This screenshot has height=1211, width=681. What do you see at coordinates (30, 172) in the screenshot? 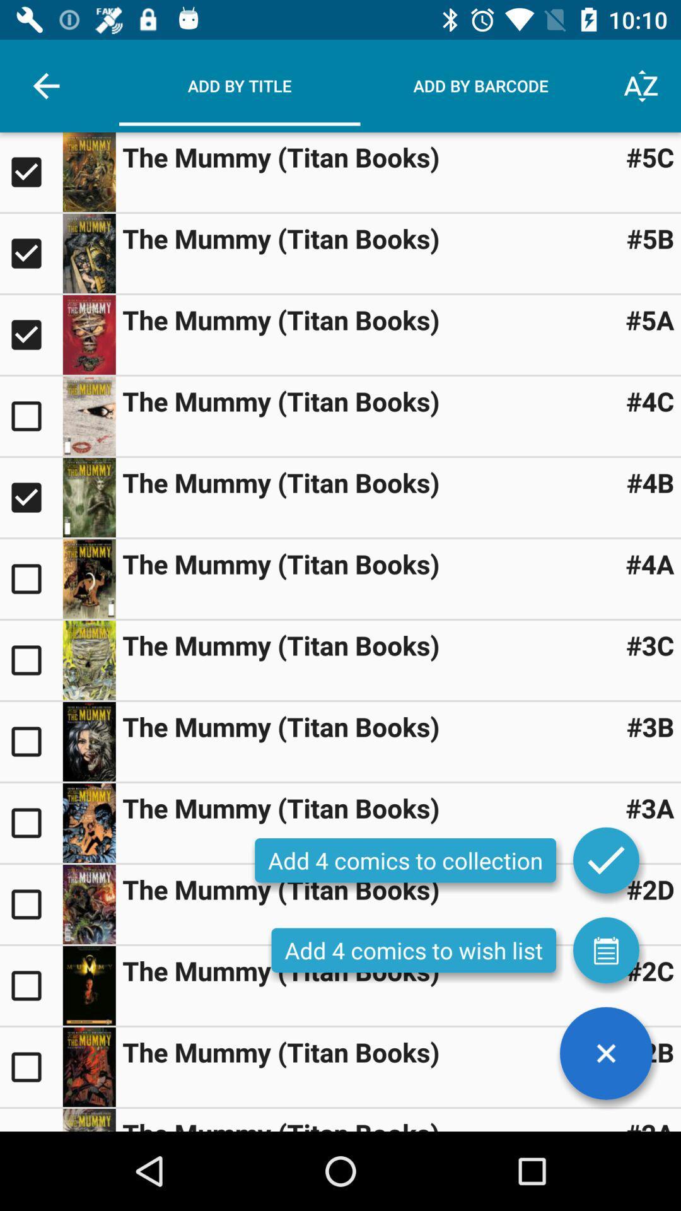
I see `the mummy` at bounding box center [30, 172].